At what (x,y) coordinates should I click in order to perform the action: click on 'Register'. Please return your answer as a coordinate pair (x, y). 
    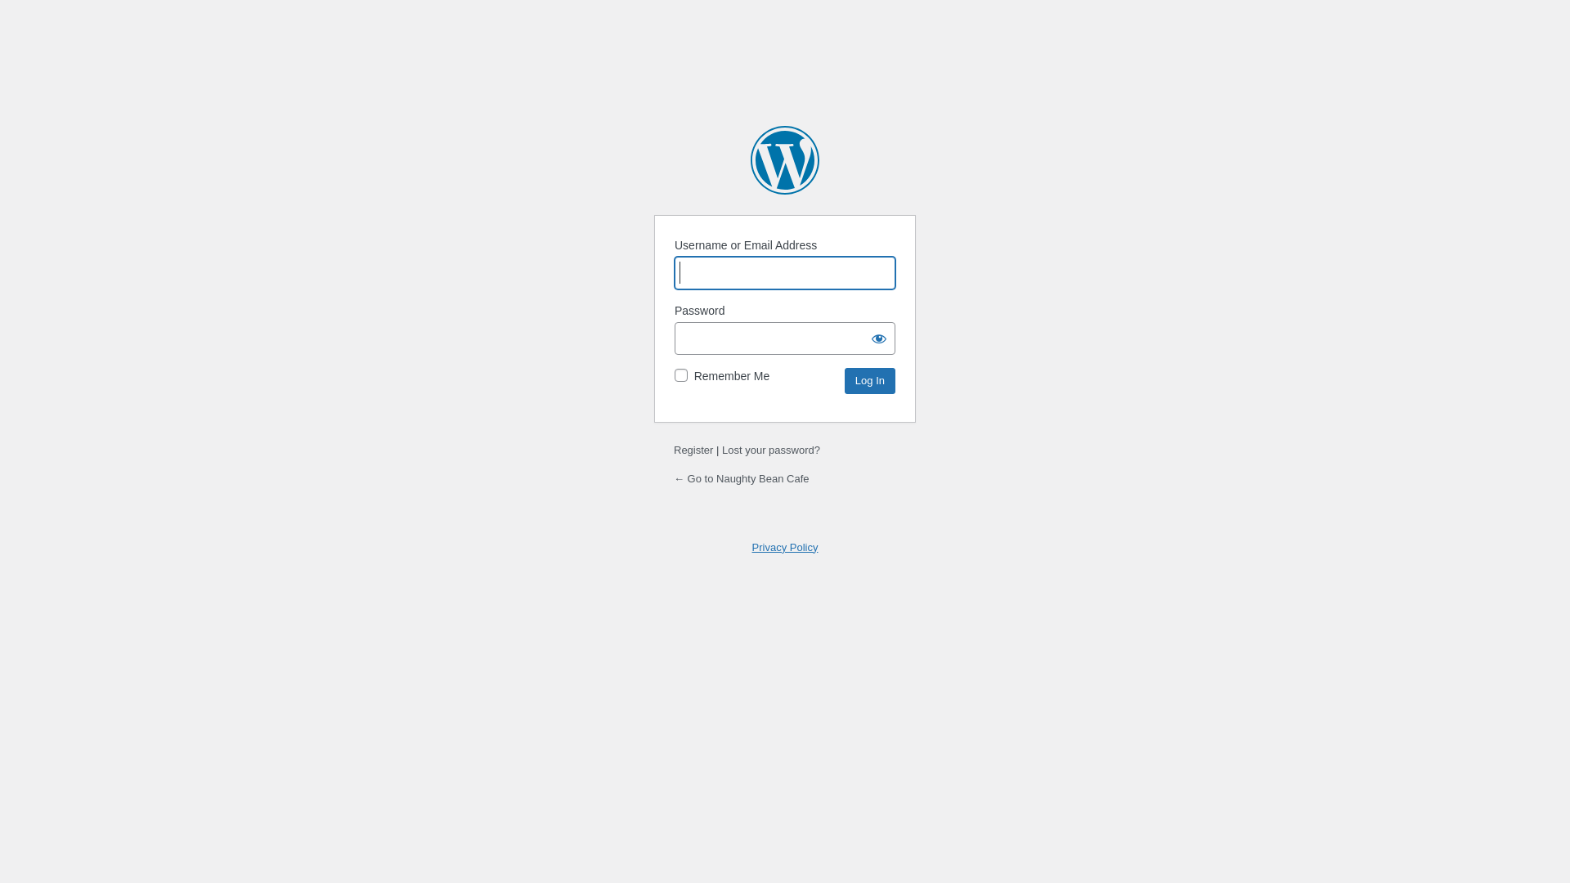
    Looking at the image, I should click on (674, 450).